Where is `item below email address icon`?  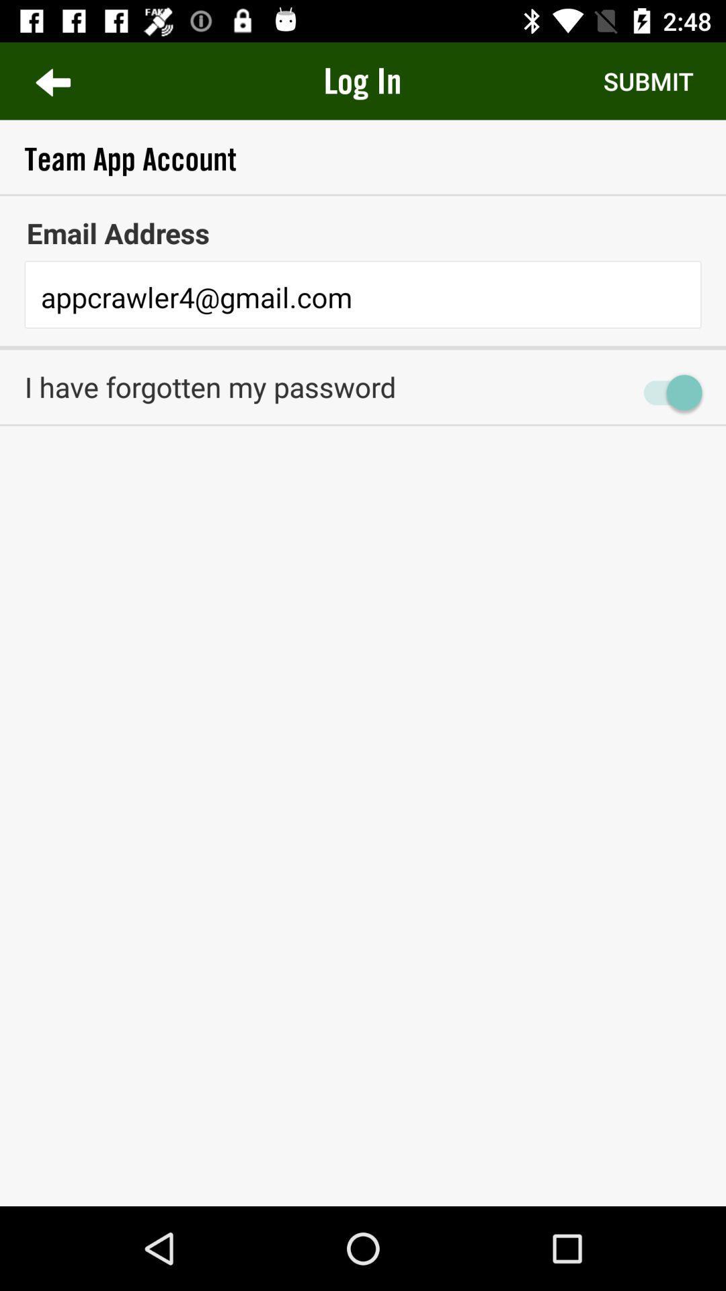
item below email address icon is located at coordinates (363, 297).